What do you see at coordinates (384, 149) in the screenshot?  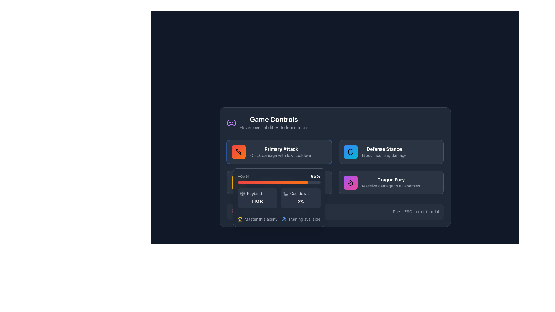 I see `the 'Defense Stance' title text label located in the upper-right area of the modal interface` at bounding box center [384, 149].